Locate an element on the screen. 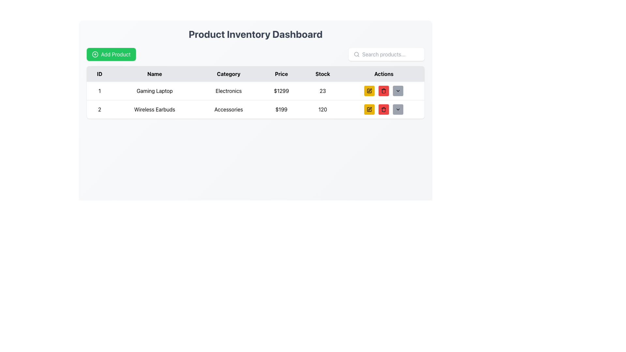  the price display text element showing '$199' for 'Wireless Earbuds' in the second row of the product table is located at coordinates (281, 109).